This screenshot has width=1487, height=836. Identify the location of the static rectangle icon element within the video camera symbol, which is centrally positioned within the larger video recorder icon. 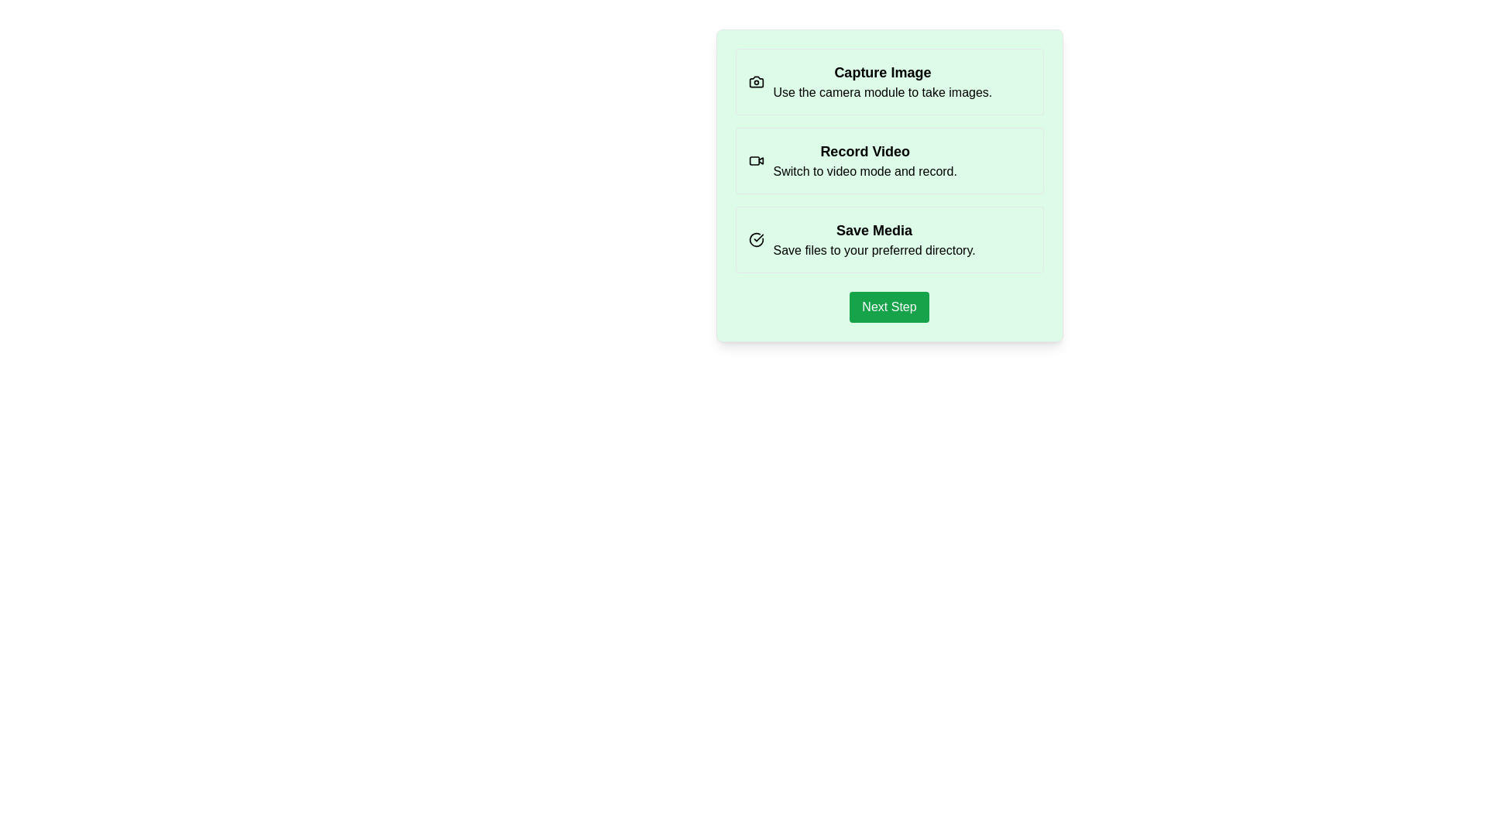
(754, 161).